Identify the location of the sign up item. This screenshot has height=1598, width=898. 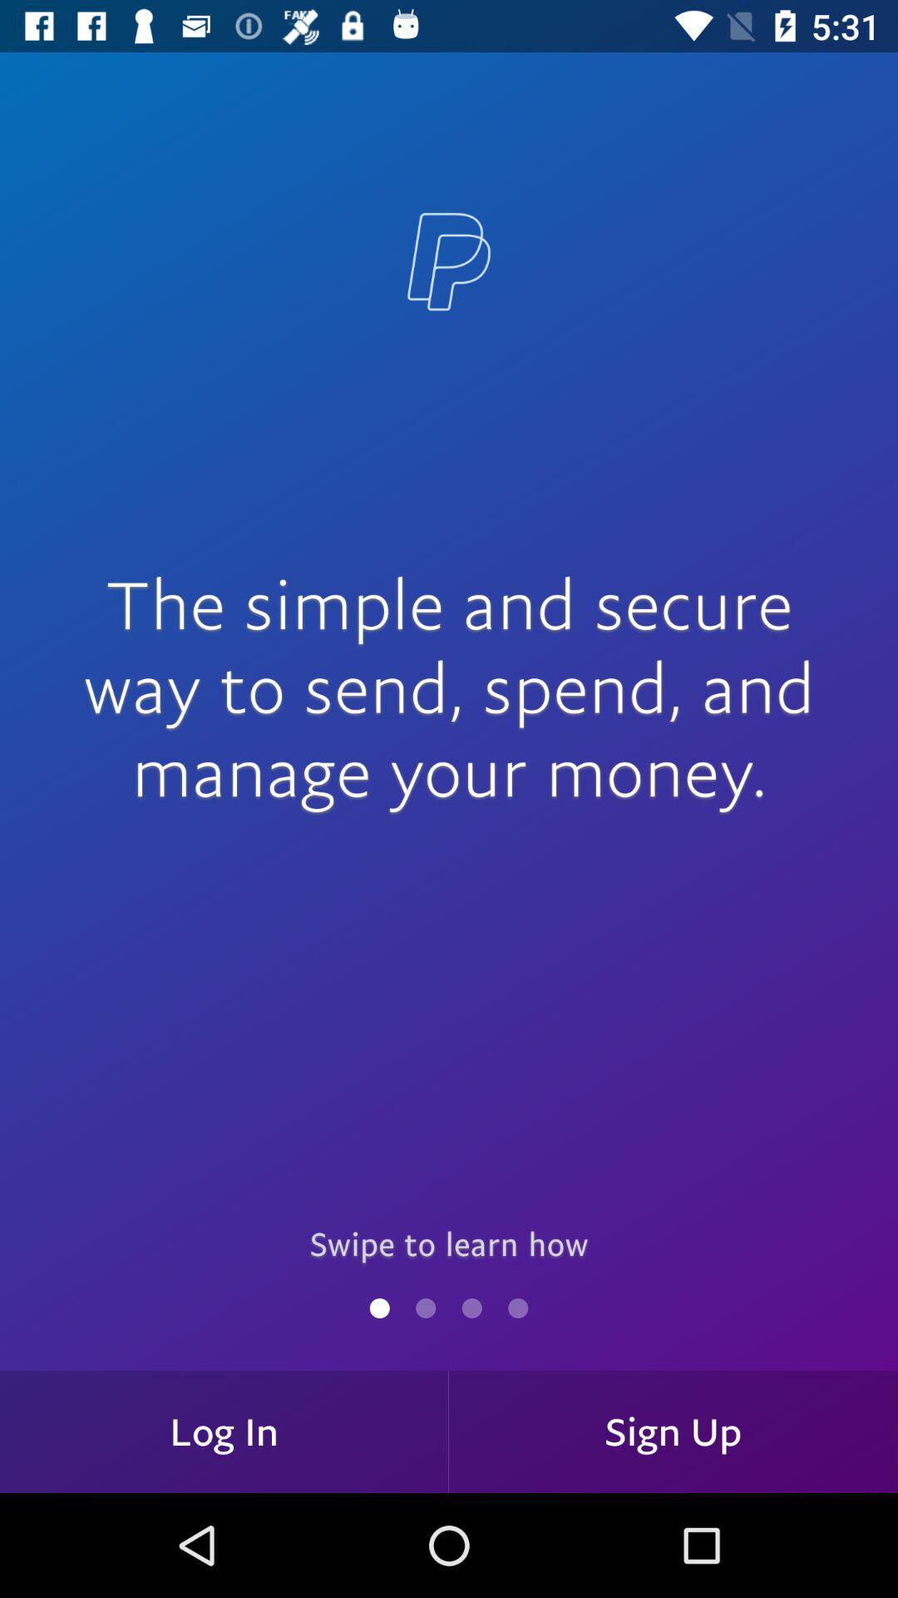
(673, 1431).